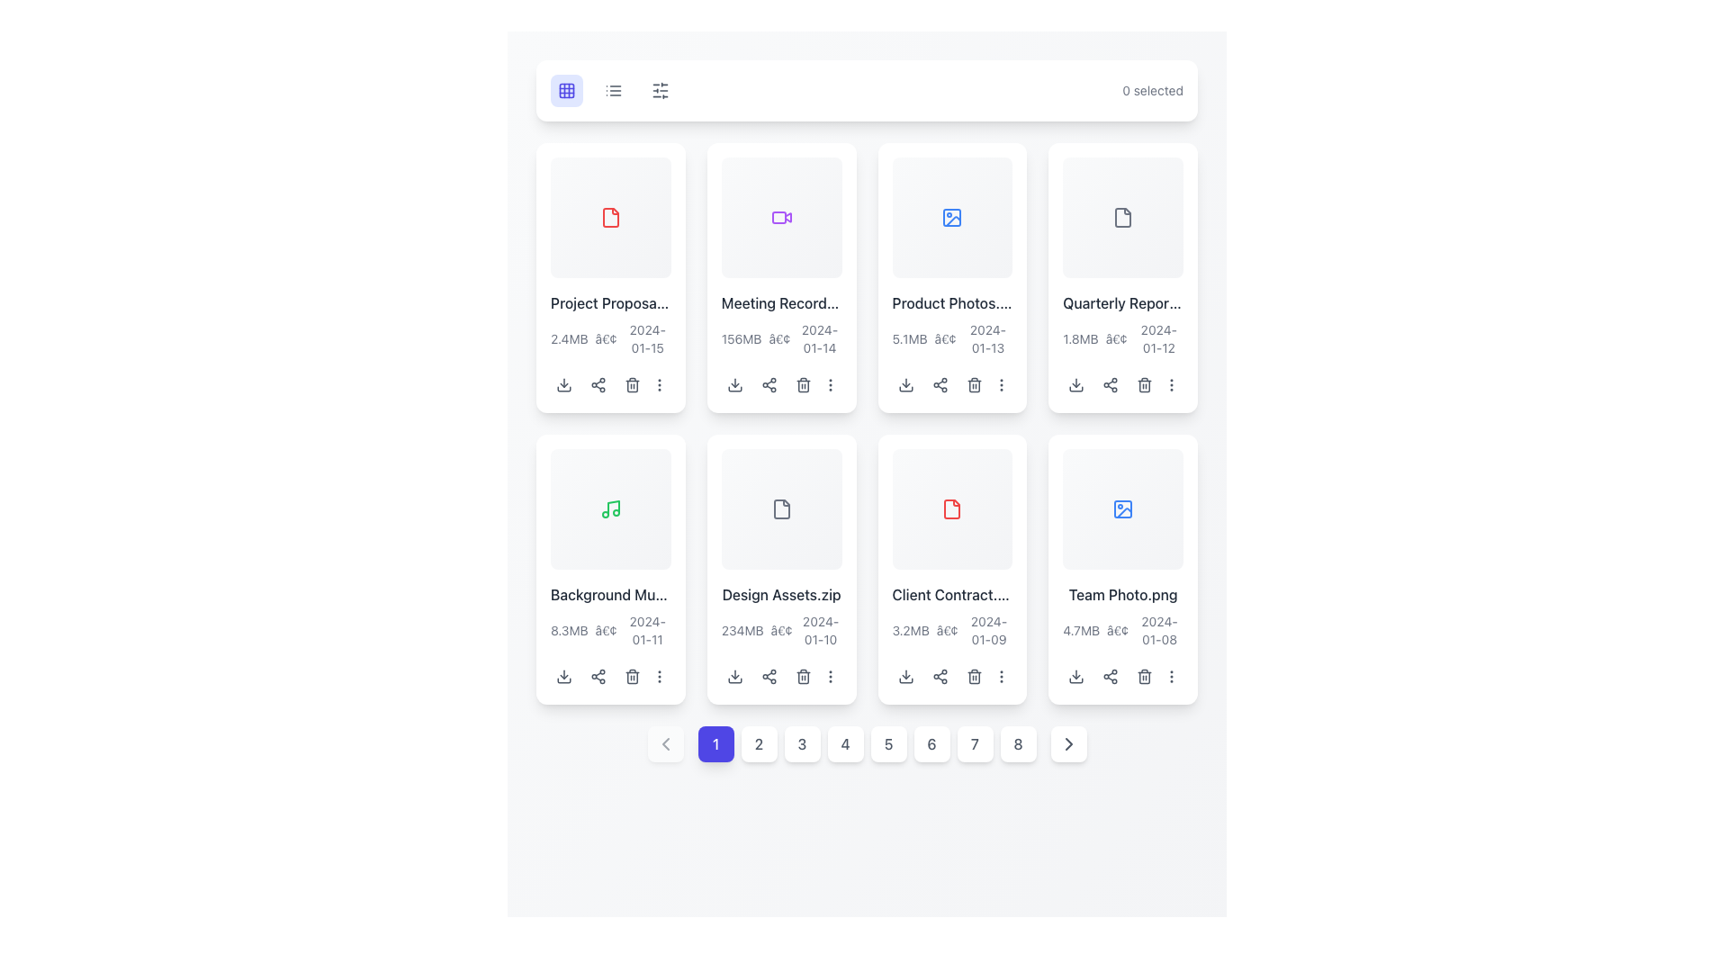 Image resolution: width=1728 pixels, height=972 pixels. What do you see at coordinates (632, 676) in the screenshot?
I see `the trash icon located at the bottom of the 'Background Music.mp3' file card` at bounding box center [632, 676].